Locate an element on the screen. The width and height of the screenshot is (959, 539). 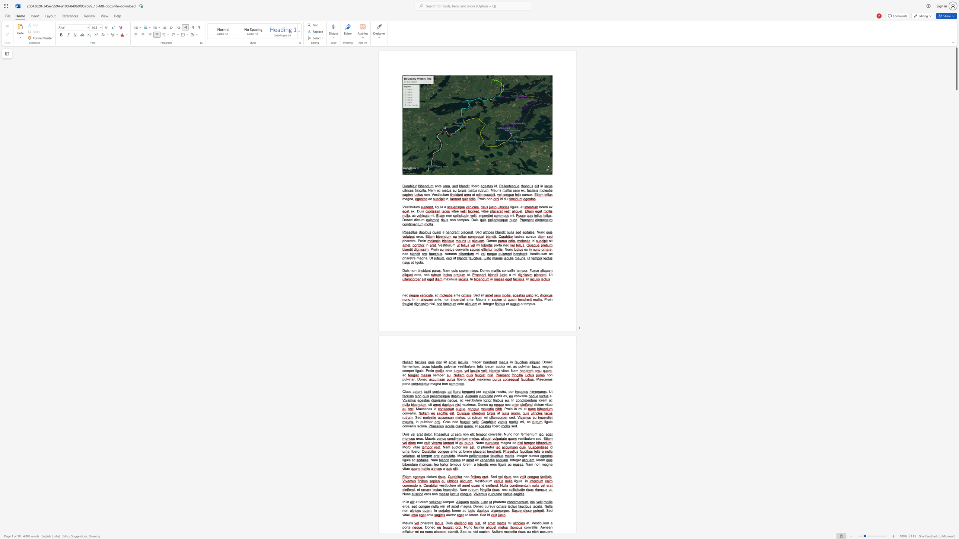
the 1th character "a" in the text is located at coordinates (510, 270).